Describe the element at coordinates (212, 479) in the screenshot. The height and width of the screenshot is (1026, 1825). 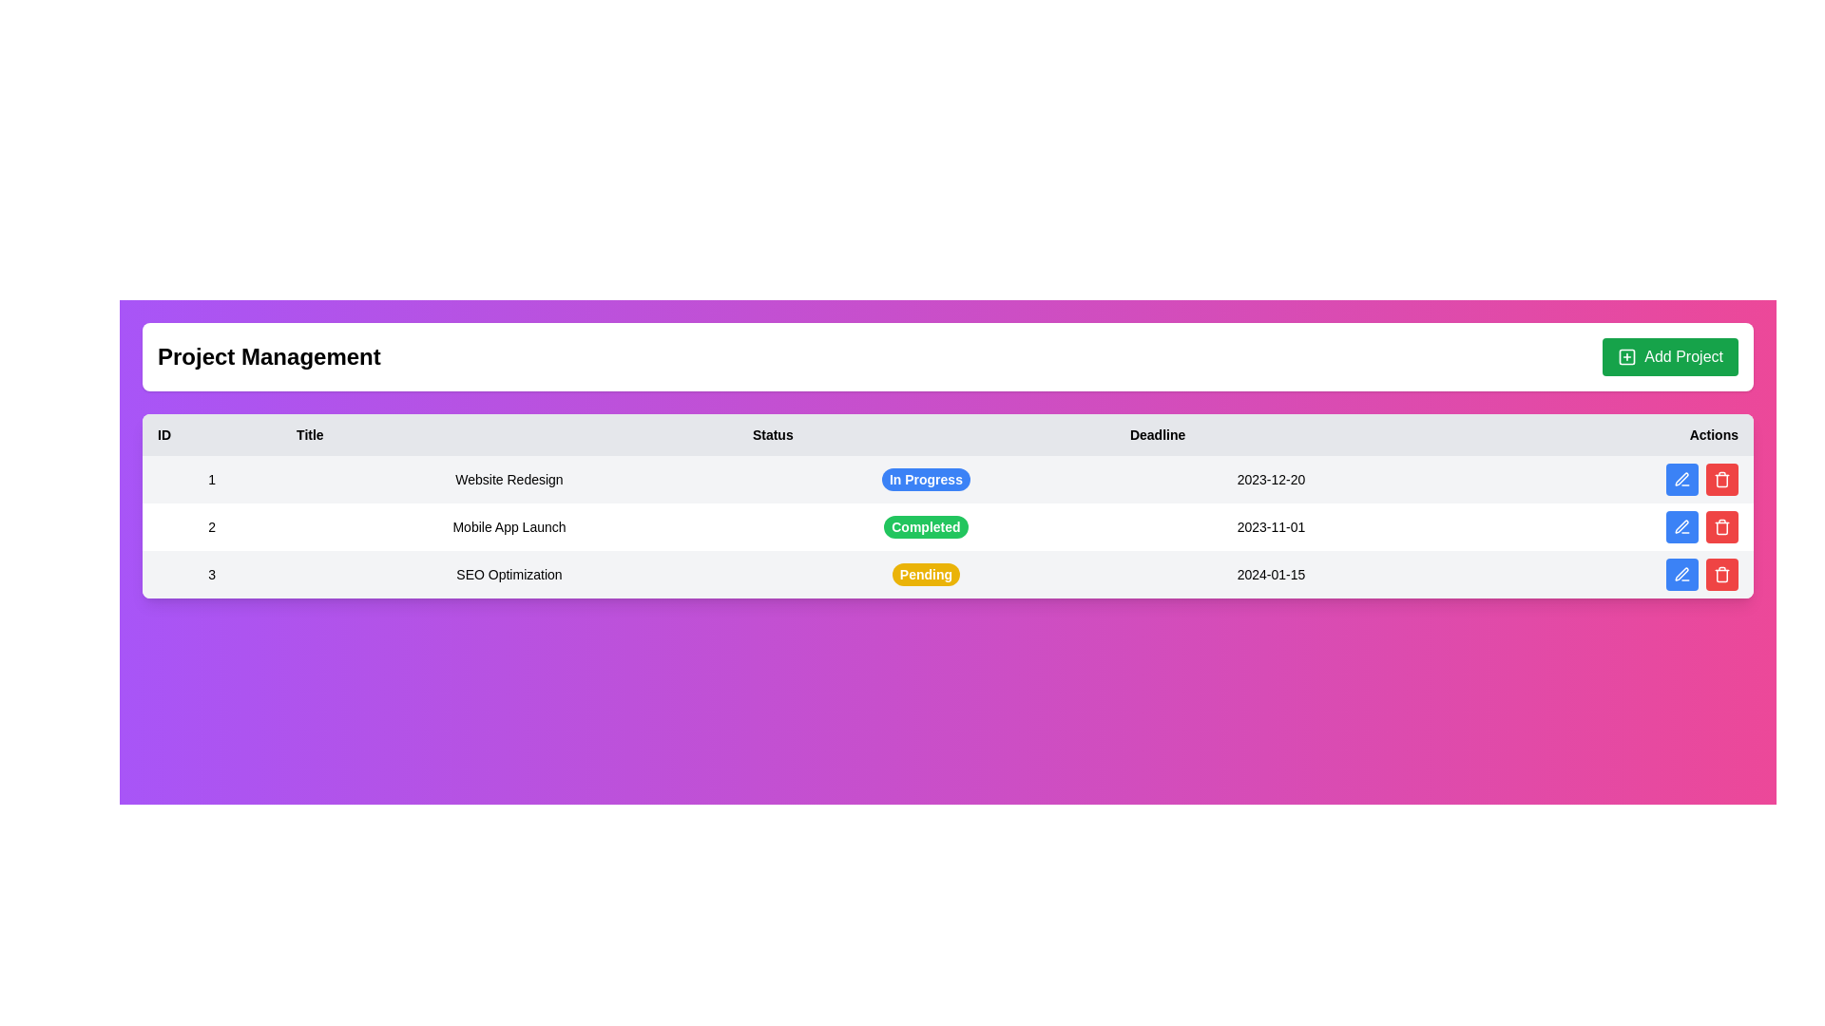
I see `text label that serves as an identifier or serial number in the first row and first column of the table, located under the 'ID' header, adjacent to 'Website Redesign'` at that location.